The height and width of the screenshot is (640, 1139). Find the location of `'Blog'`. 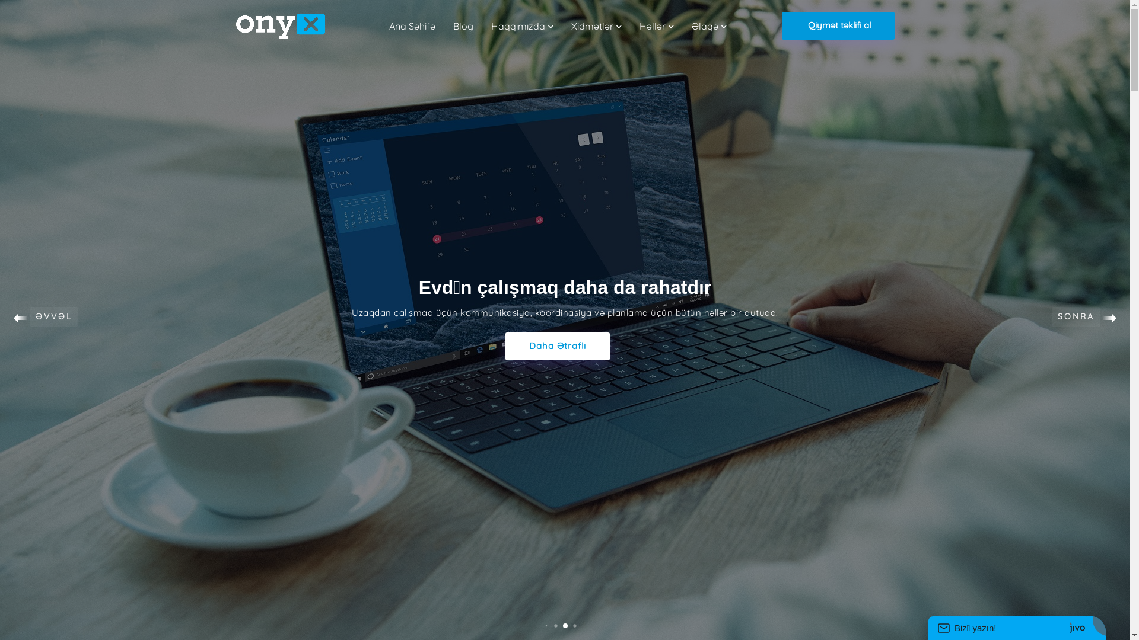

'Blog' is located at coordinates (463, 25).